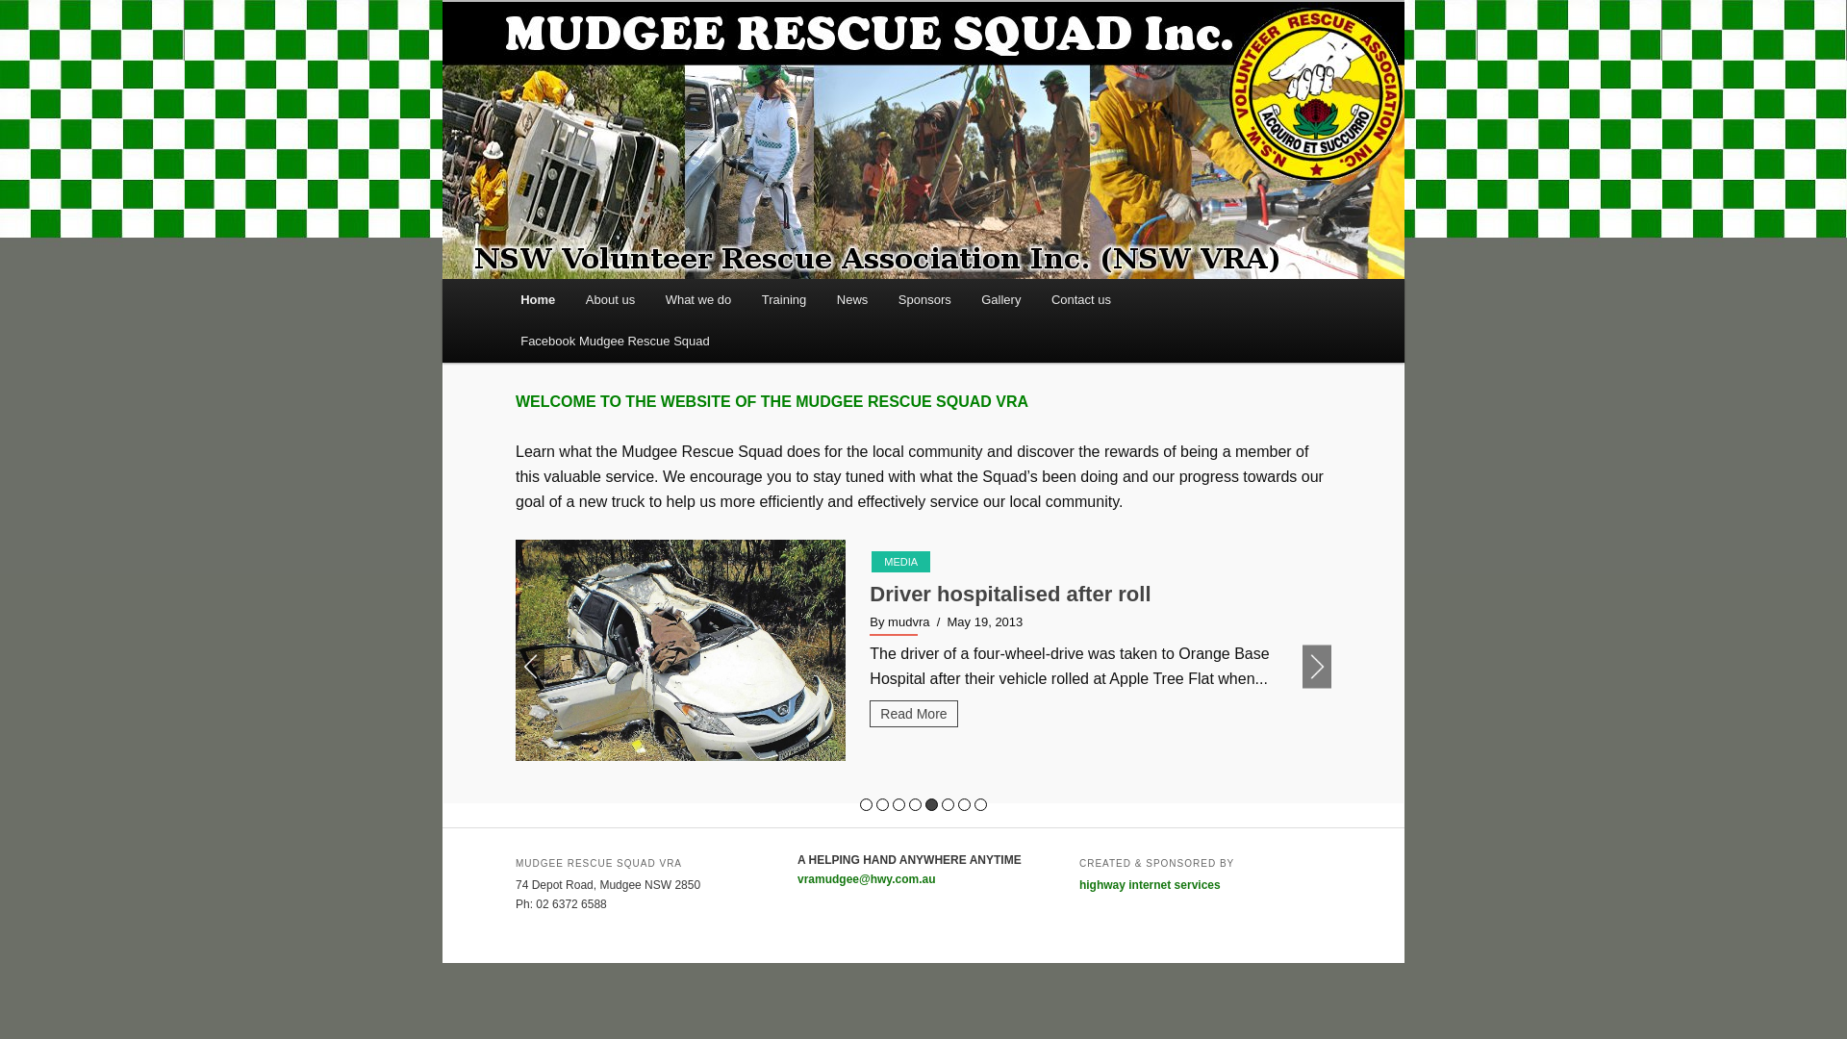  Describe the element at coordinates (1315, 666) in the screenshot. I see `'Next'` at that location.